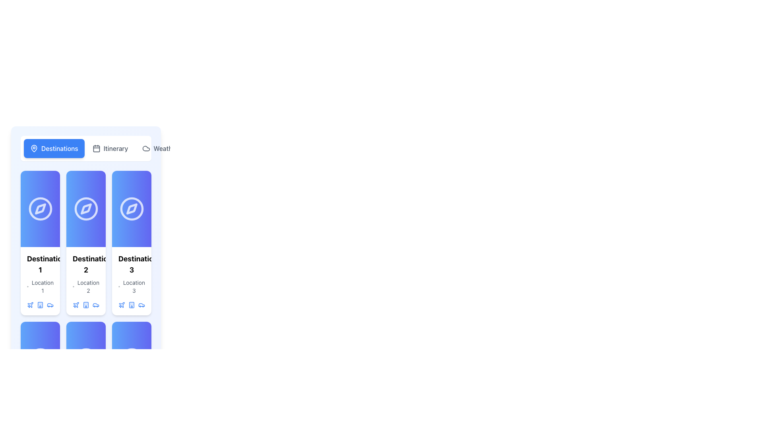 The height and width of the screenshot is (429, 763). What do you see at coordinates (132, 208) in the screenshot?
I see `the compass icon with a circular shape and a diamond-like pointer, located in the center of the third card under the 'Destinations' tab` at bounding box center [132, 208].